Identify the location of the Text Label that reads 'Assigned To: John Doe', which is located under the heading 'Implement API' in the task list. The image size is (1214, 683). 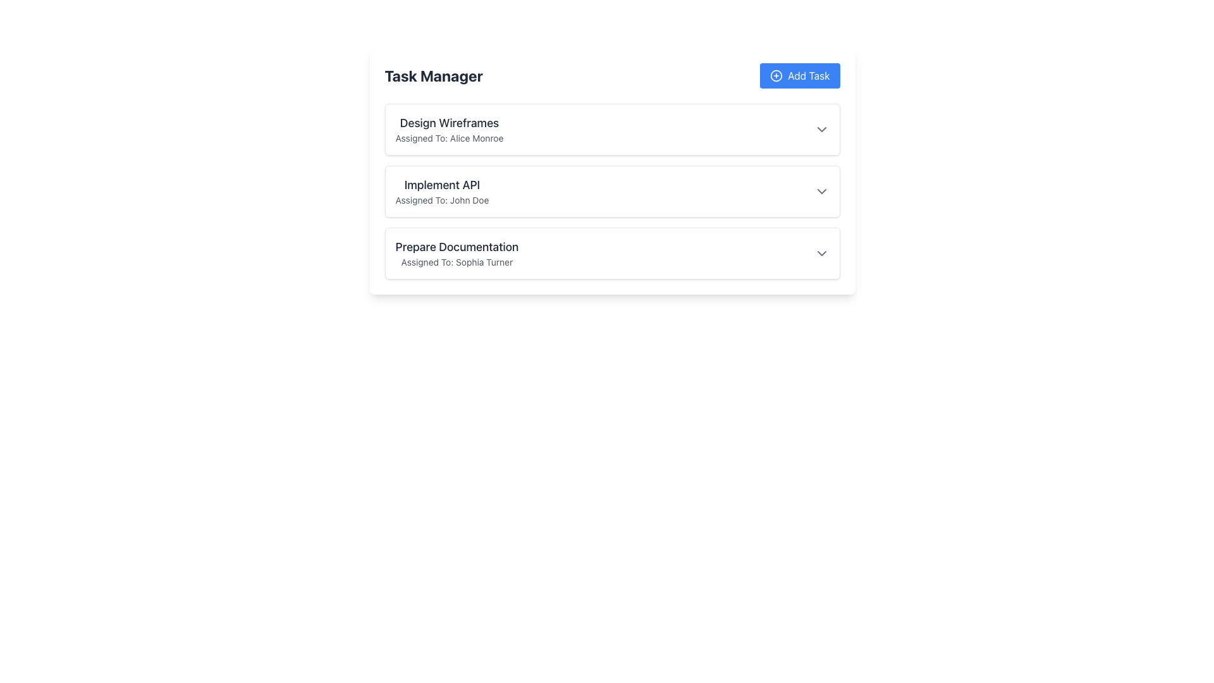
(442, 199).